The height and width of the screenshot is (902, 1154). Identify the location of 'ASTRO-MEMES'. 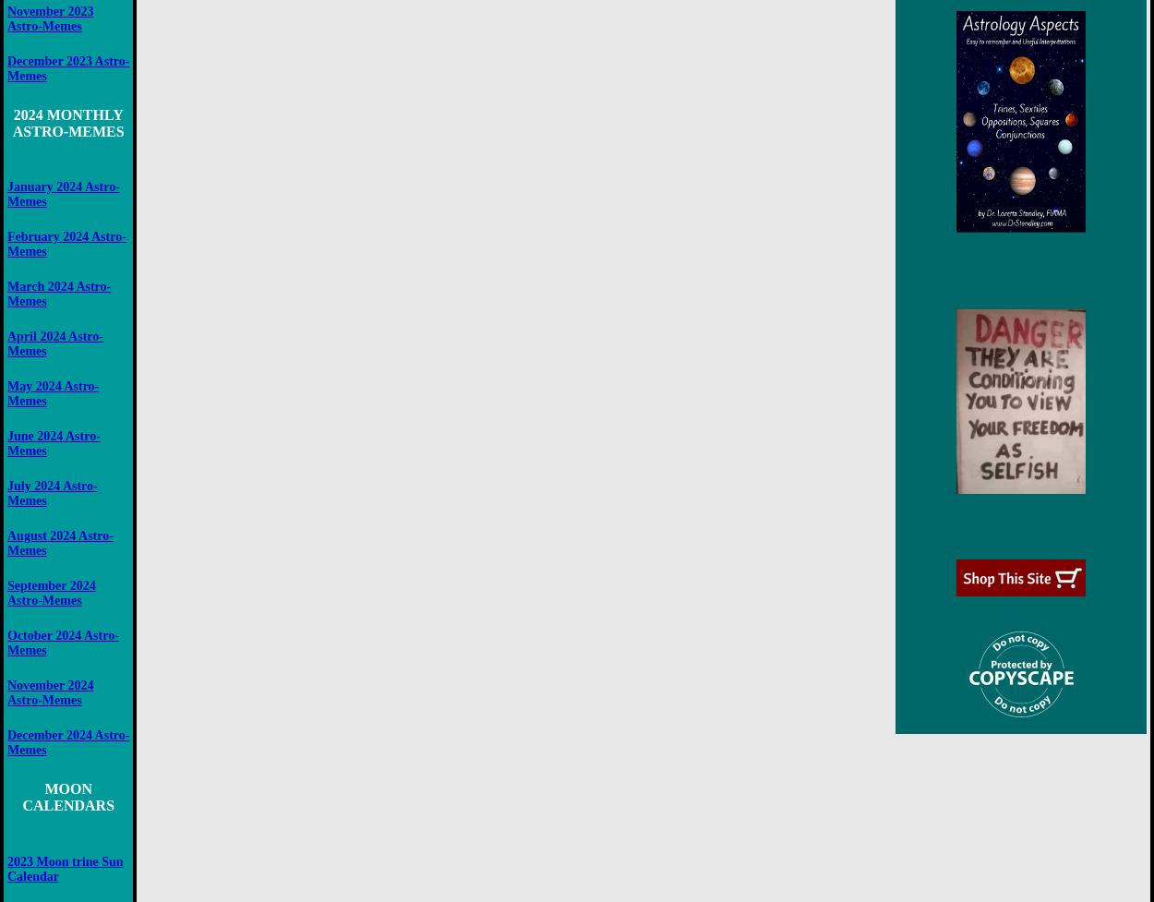
(66, 130).